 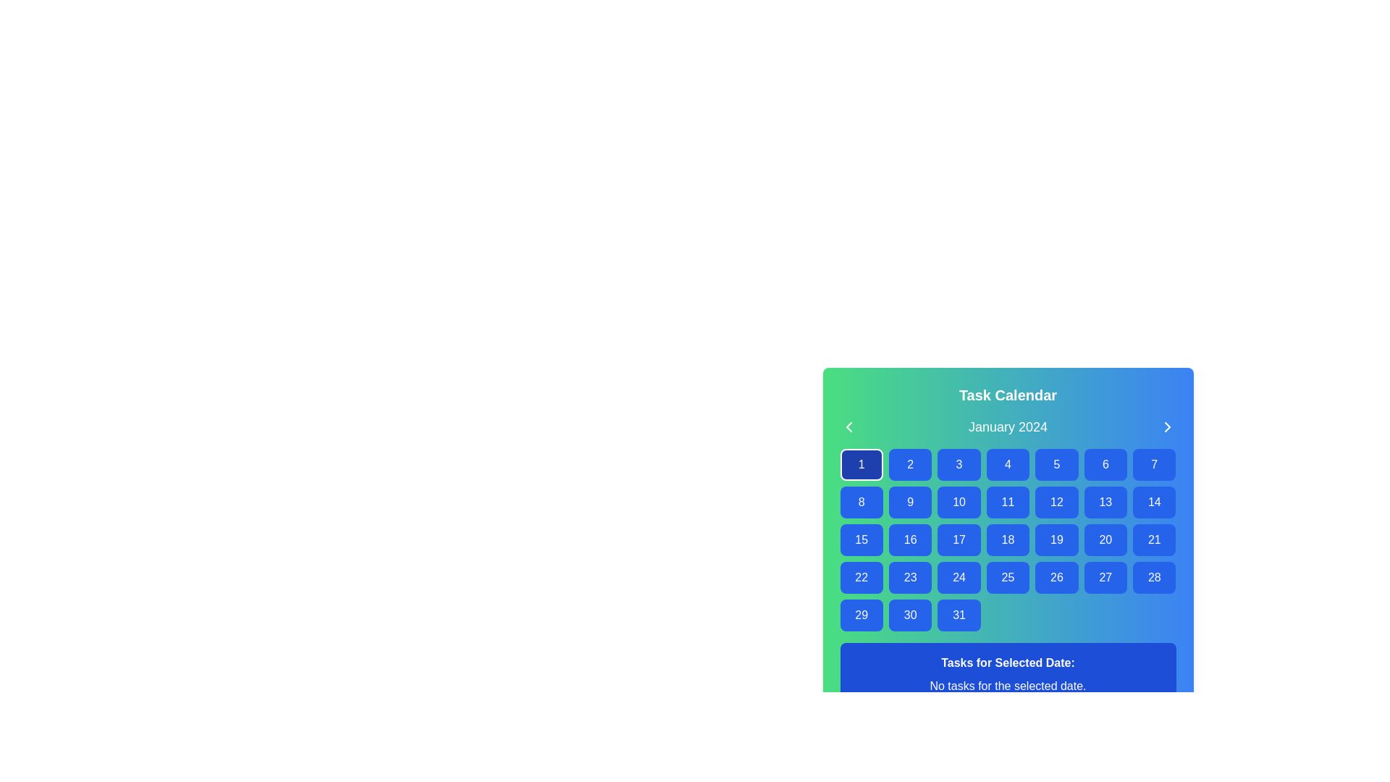 I want to click on the calendar date button representing the 27th day of the month located in the last week row of the calendar grid, specifically in the sixth column from the left, so click(x=1105, y=577).